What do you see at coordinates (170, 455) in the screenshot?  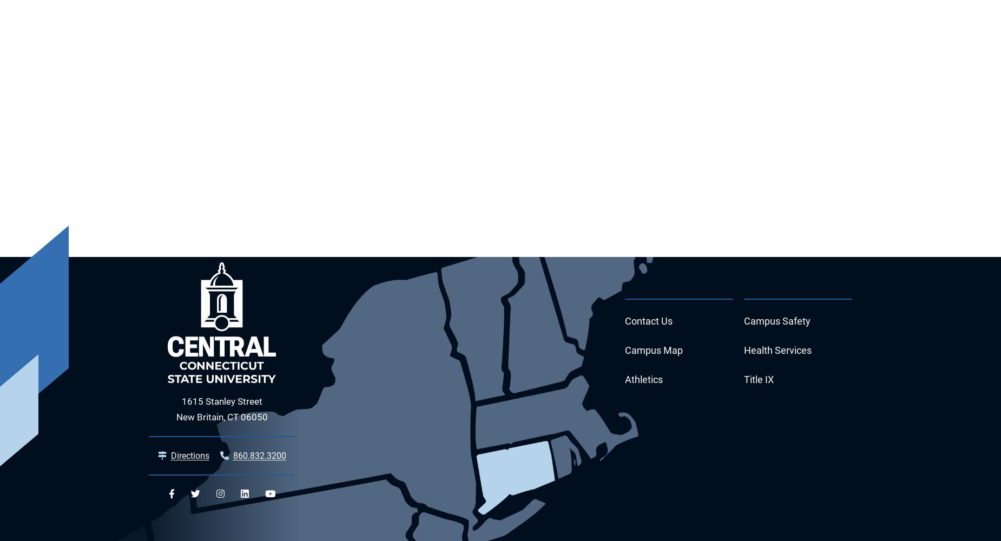 I see `'Directions'` at bounding box center [170, 455].